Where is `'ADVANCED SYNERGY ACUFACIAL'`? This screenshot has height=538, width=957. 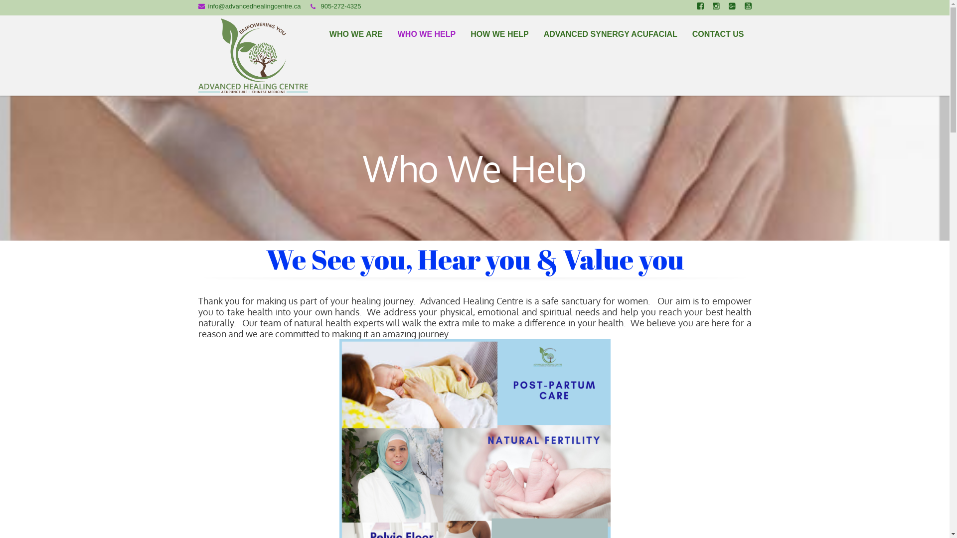
'ADVANCED SYNERGY ACUFACIAL' is located at coordinates (610, 33).